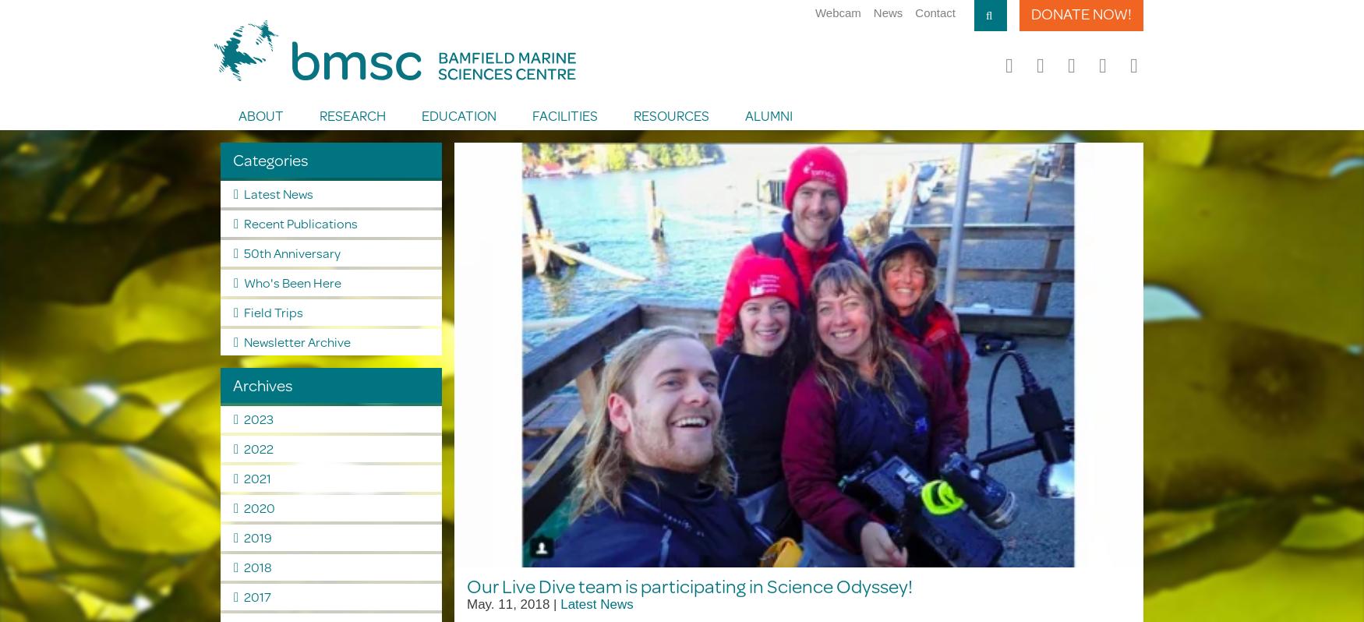  What do you see at coordinates (292, 281) in the screenshot?
I see `'Who's Been Here'` at bounding box center [292, 281].